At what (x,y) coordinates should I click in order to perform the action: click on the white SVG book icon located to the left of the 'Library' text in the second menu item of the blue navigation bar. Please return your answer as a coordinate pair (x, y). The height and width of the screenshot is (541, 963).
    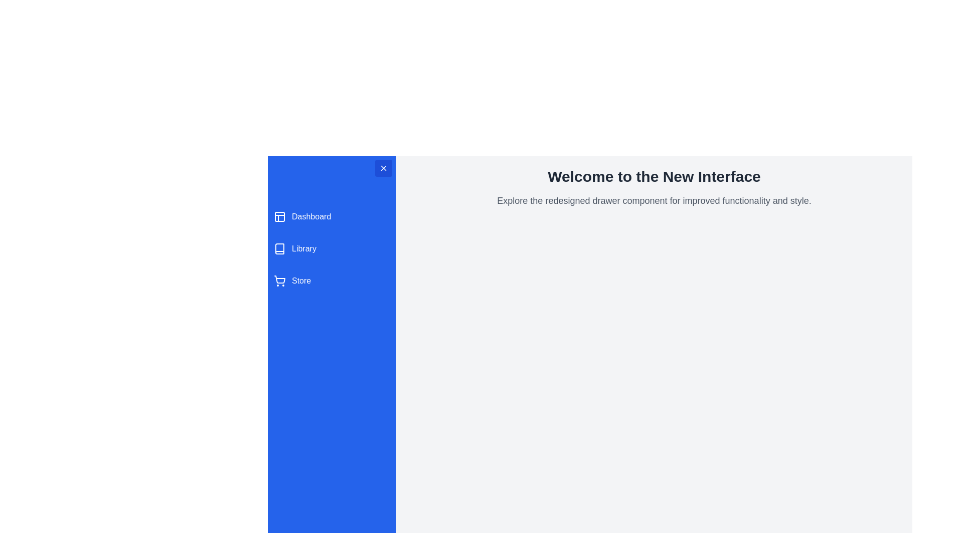
    Looking at the image, I should click on (279, 248).